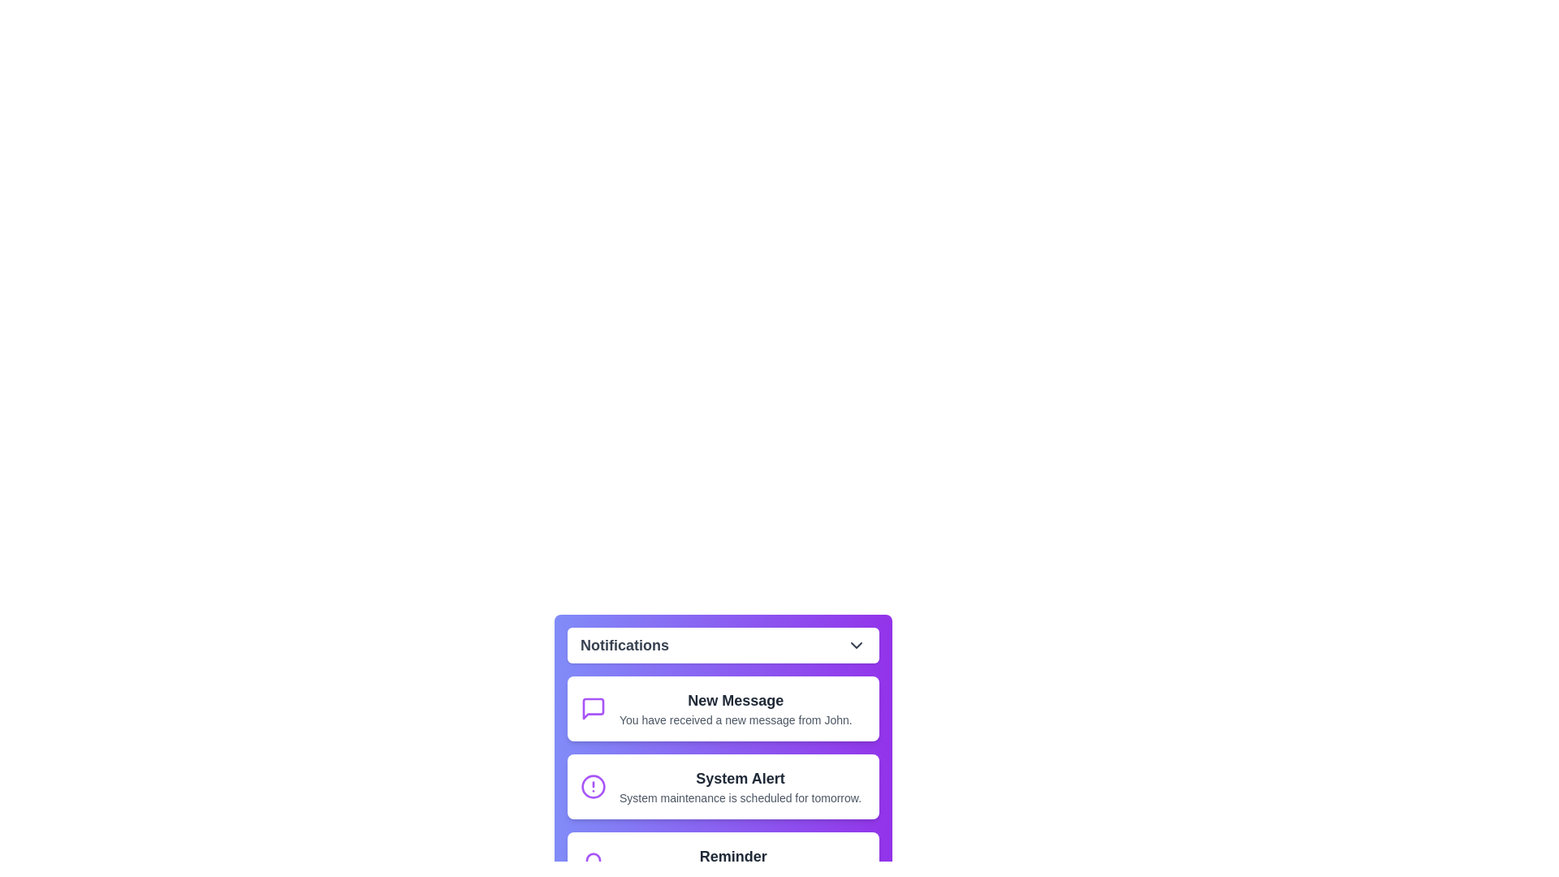  I want to click on the notification item with title System Alert, so click(723, 785).